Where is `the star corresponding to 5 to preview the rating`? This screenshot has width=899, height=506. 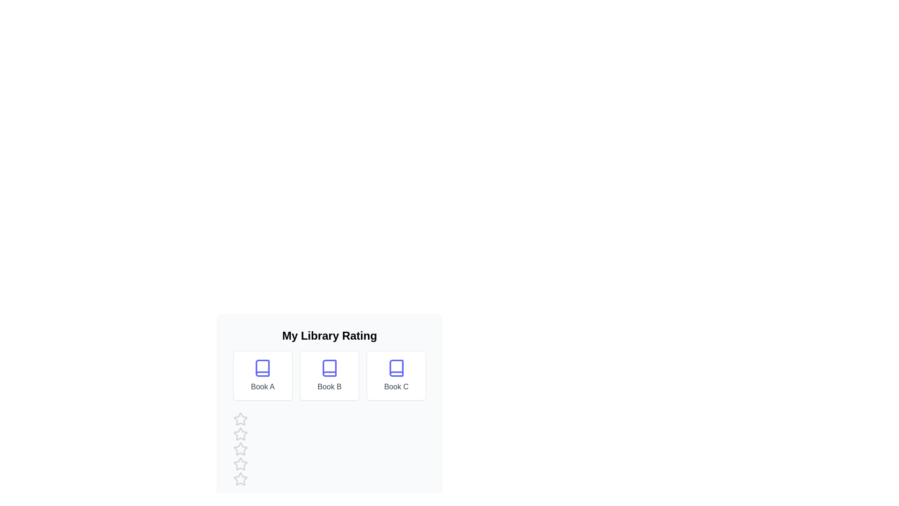
the star corresponding to 5 to preview the rating is located at coordinates (240, 479).